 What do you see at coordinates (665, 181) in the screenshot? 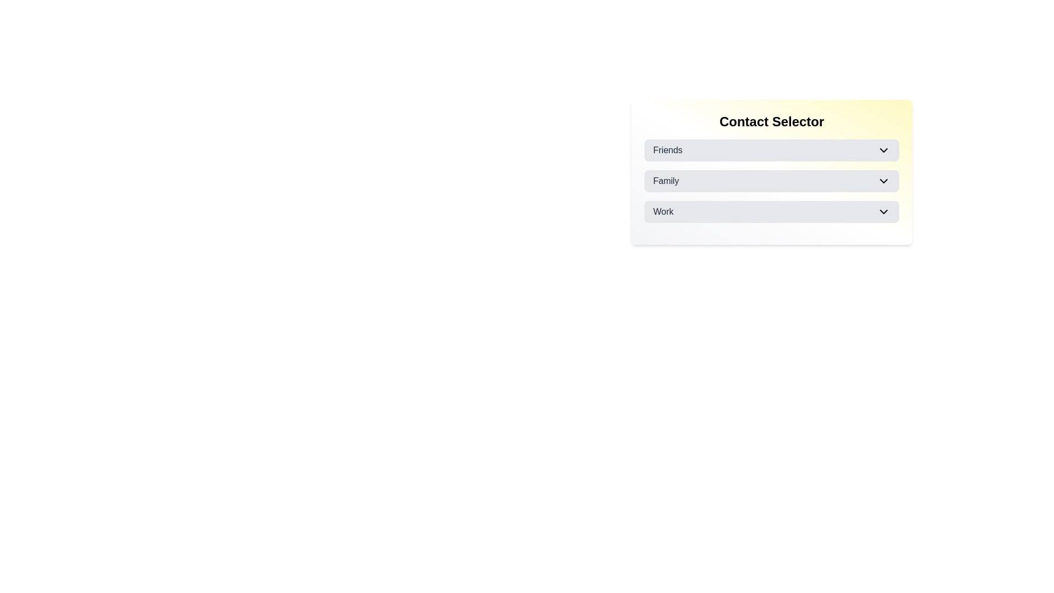
I see `the 'Family' text label, which identifies the second selectable option in the dropdown menu located between 'Friends' and 'Work'` at bounding box center [665, 181].